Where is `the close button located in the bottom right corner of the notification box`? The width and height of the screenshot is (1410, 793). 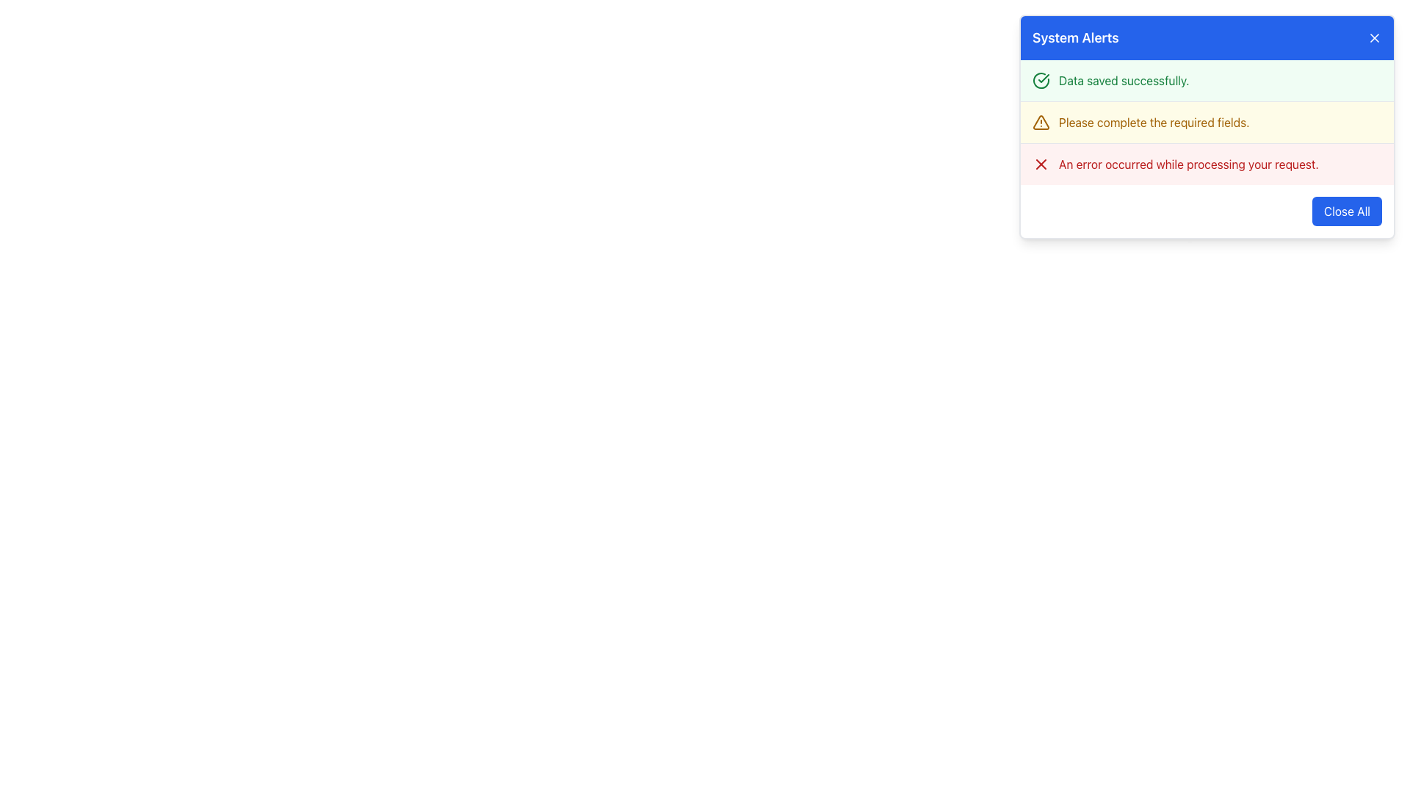
the close button located in the bottom right corner of the notification box is located at coordinates (1207, 211).